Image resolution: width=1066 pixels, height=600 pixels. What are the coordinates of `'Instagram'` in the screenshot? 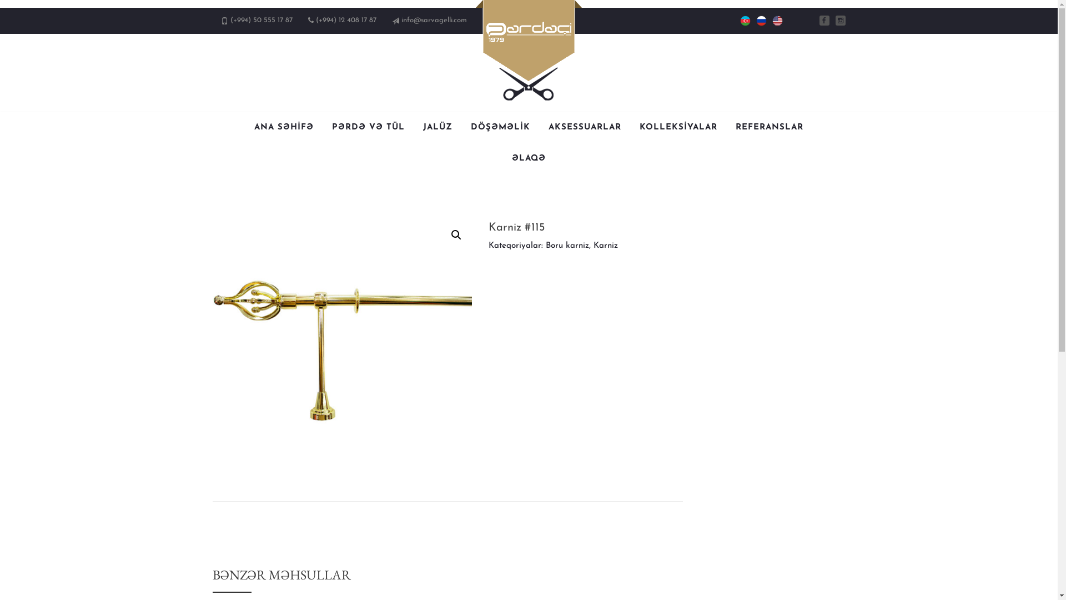 It's located at (839, 21).